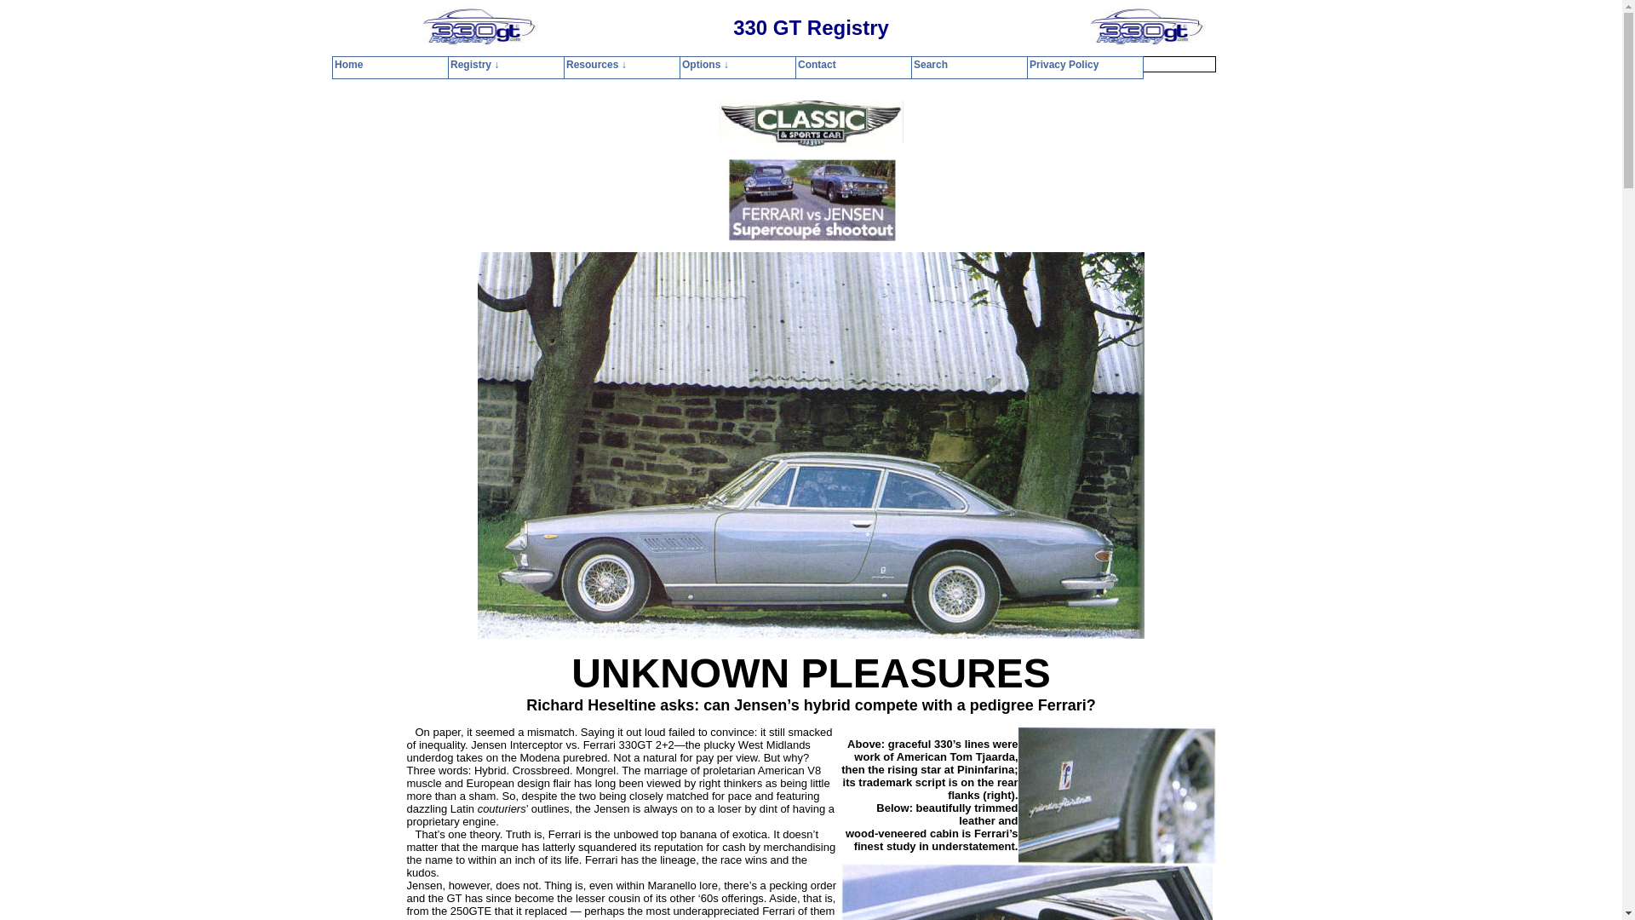 The width and height of the screenshot is (1635, 920). Describe the element at coordinates (833, 63) in the screenshot. I see `'Contact'` at that location.